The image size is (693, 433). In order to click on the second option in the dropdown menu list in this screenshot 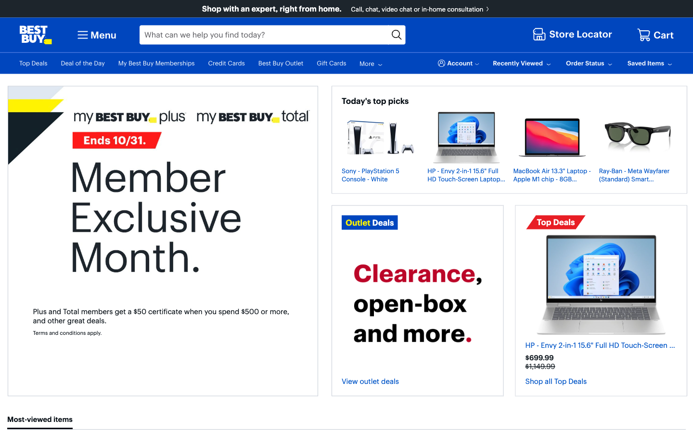, I will do `click(96, 34)`.